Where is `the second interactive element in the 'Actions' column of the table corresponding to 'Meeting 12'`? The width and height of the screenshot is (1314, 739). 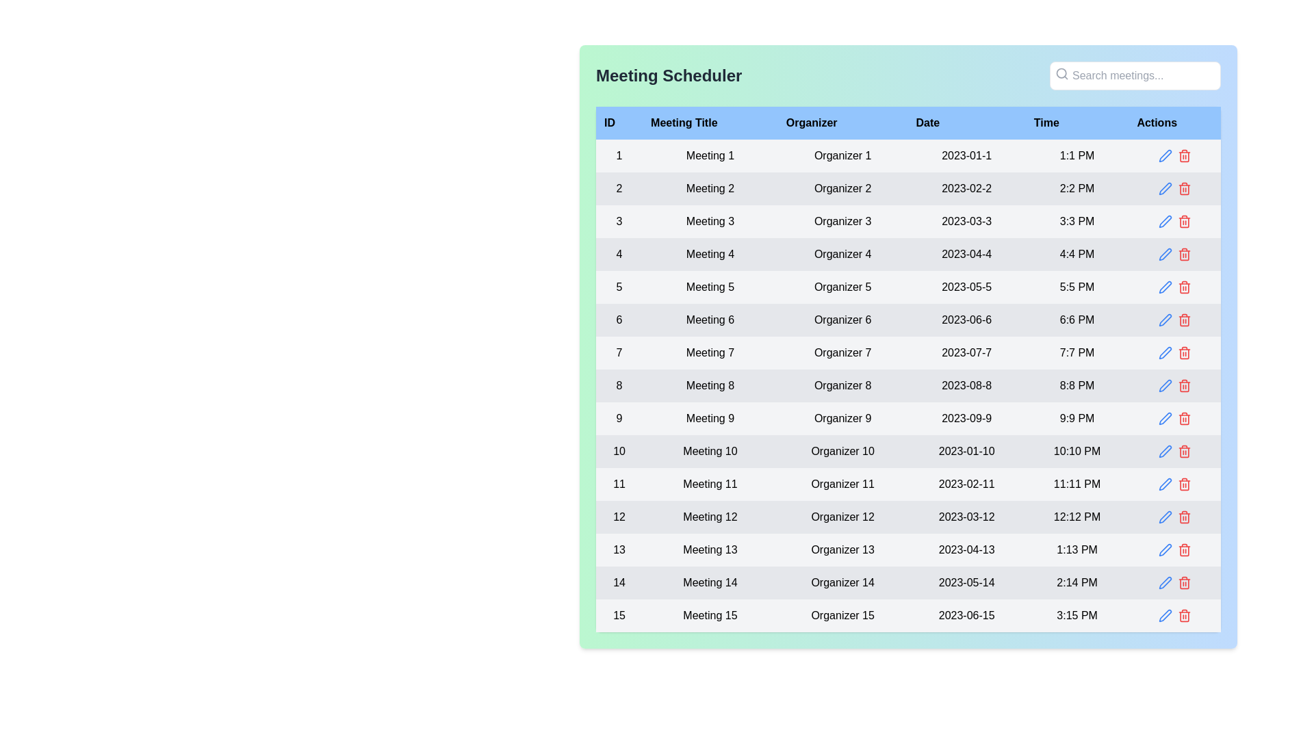 the second interactive element in the 'Actions' column of the table corresponding to 'Meeting 12' is located at coordinates (1183, 517).